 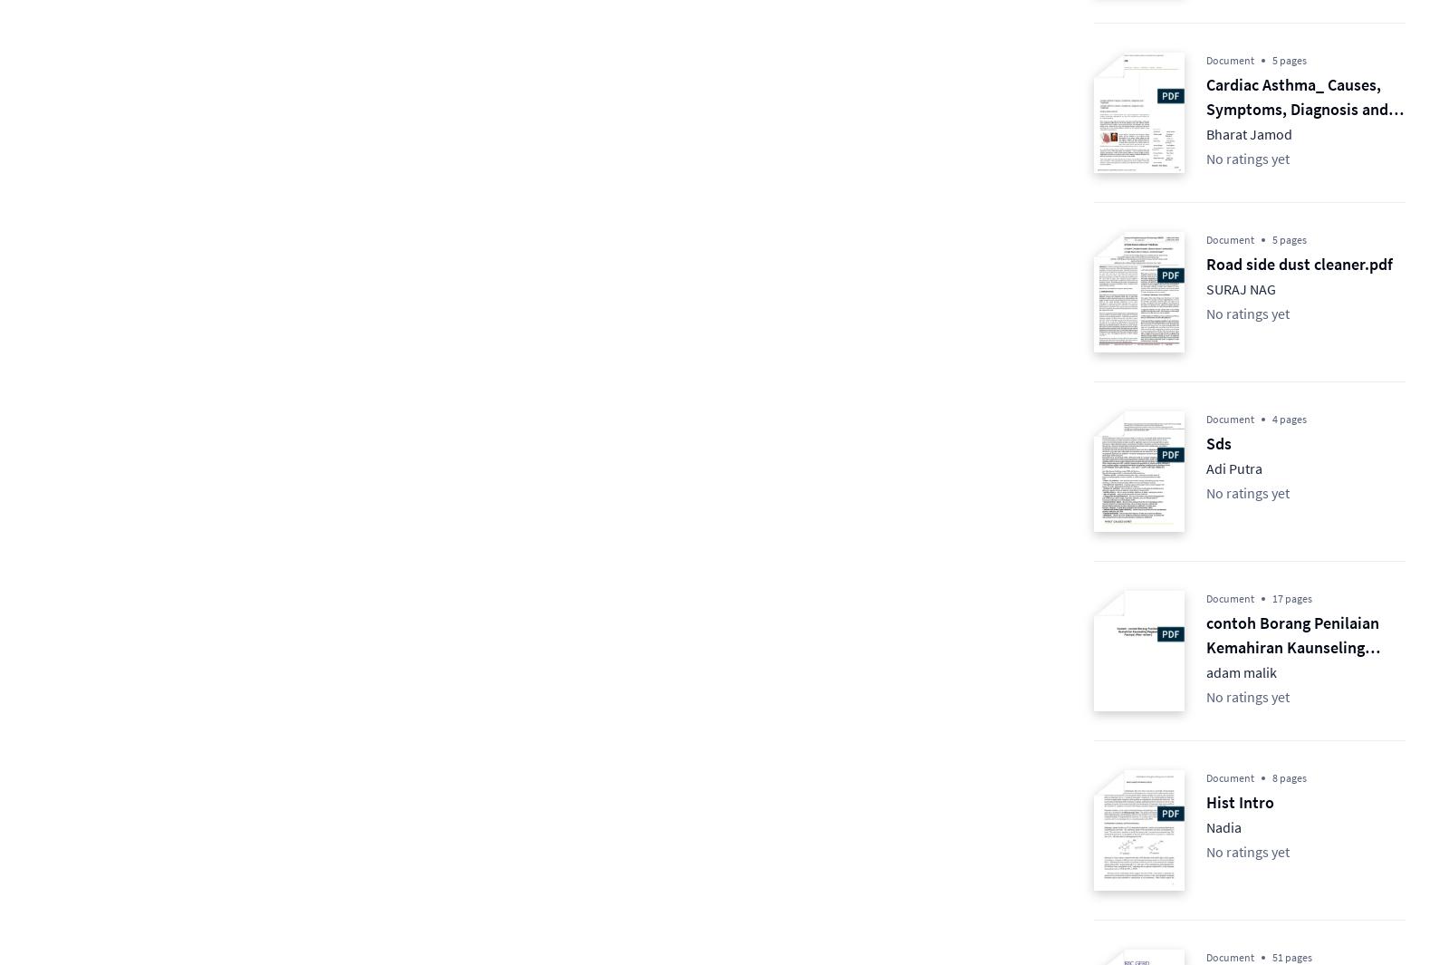 I want to click on 'Hist Intro', so click(x=1239, y=802).